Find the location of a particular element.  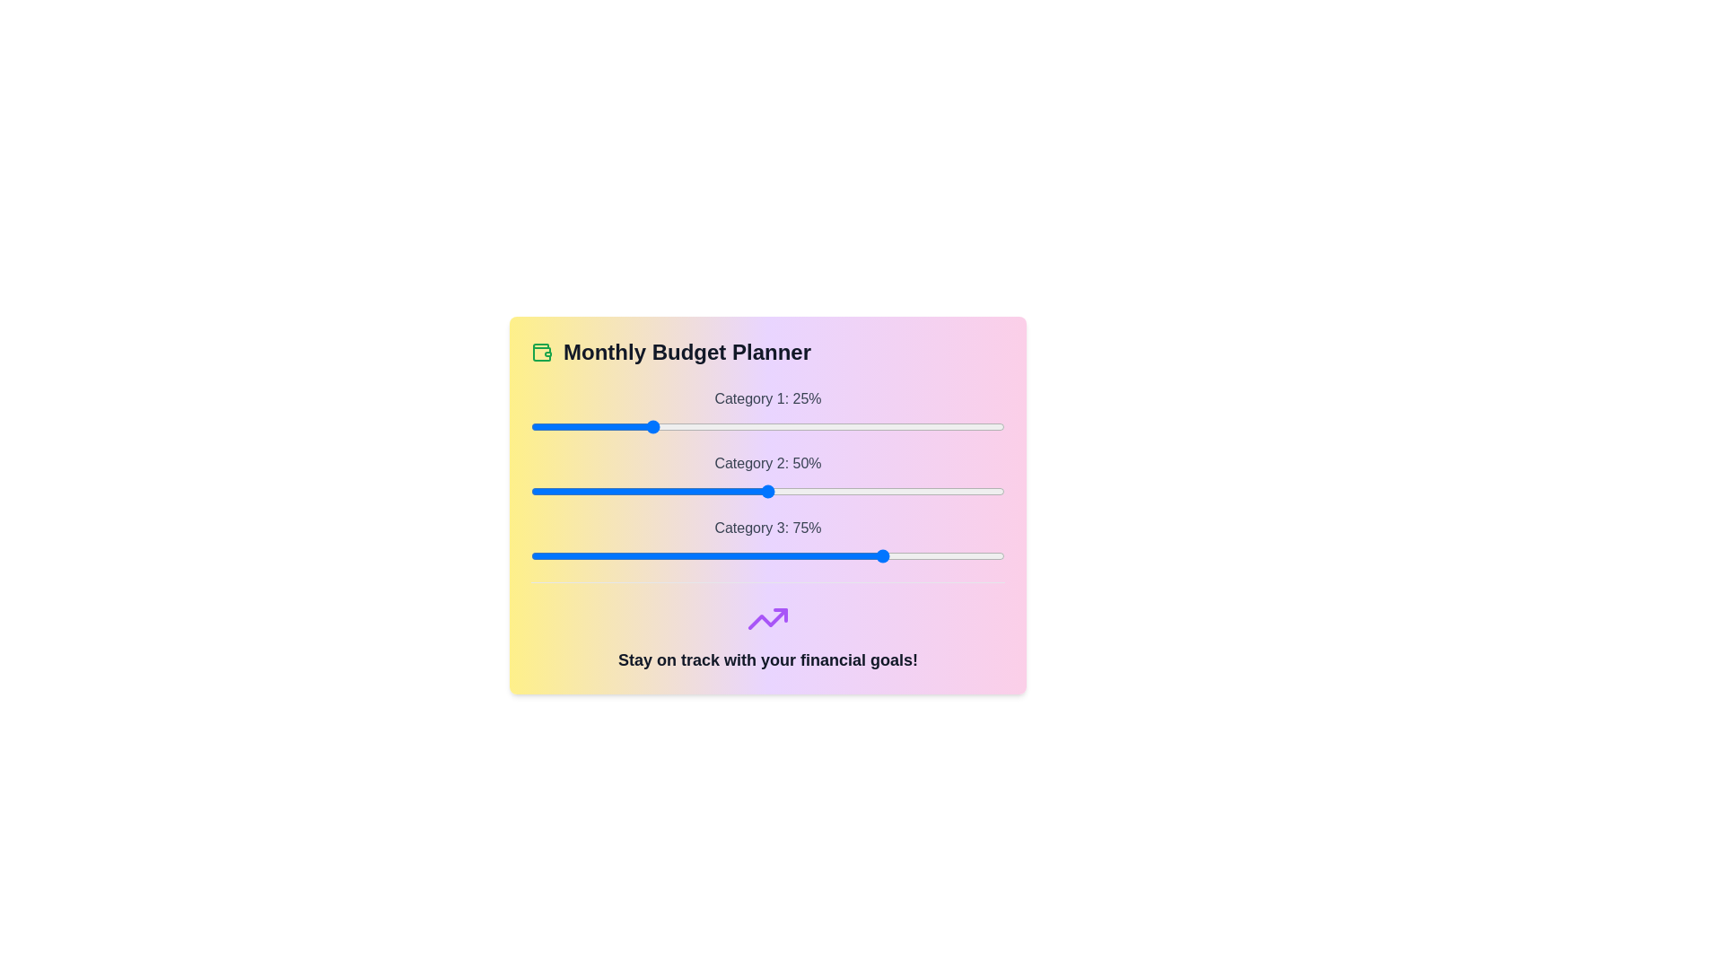

the slider for Category 2 to 51% is located at coordinates (773, 491).